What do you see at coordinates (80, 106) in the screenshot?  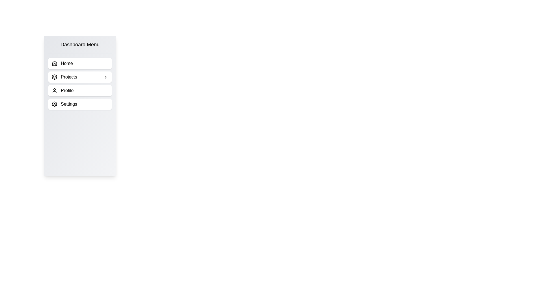 I see `the Sidebar navigation menu located under the 'Dashboard Menu'` at bounding box center [80, 106].